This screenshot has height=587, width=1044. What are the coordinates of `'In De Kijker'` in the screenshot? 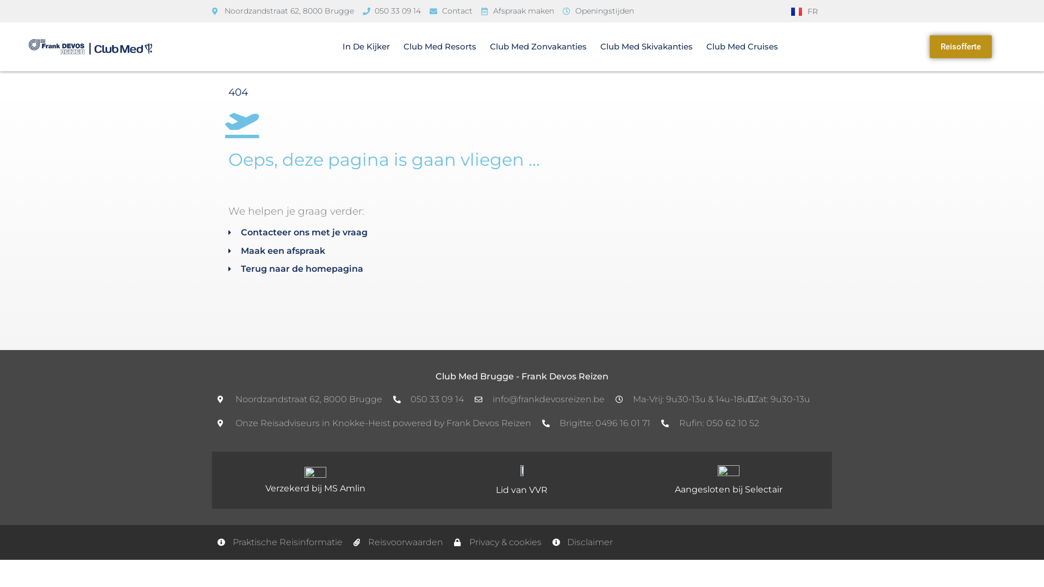 It's located at (366, 46).